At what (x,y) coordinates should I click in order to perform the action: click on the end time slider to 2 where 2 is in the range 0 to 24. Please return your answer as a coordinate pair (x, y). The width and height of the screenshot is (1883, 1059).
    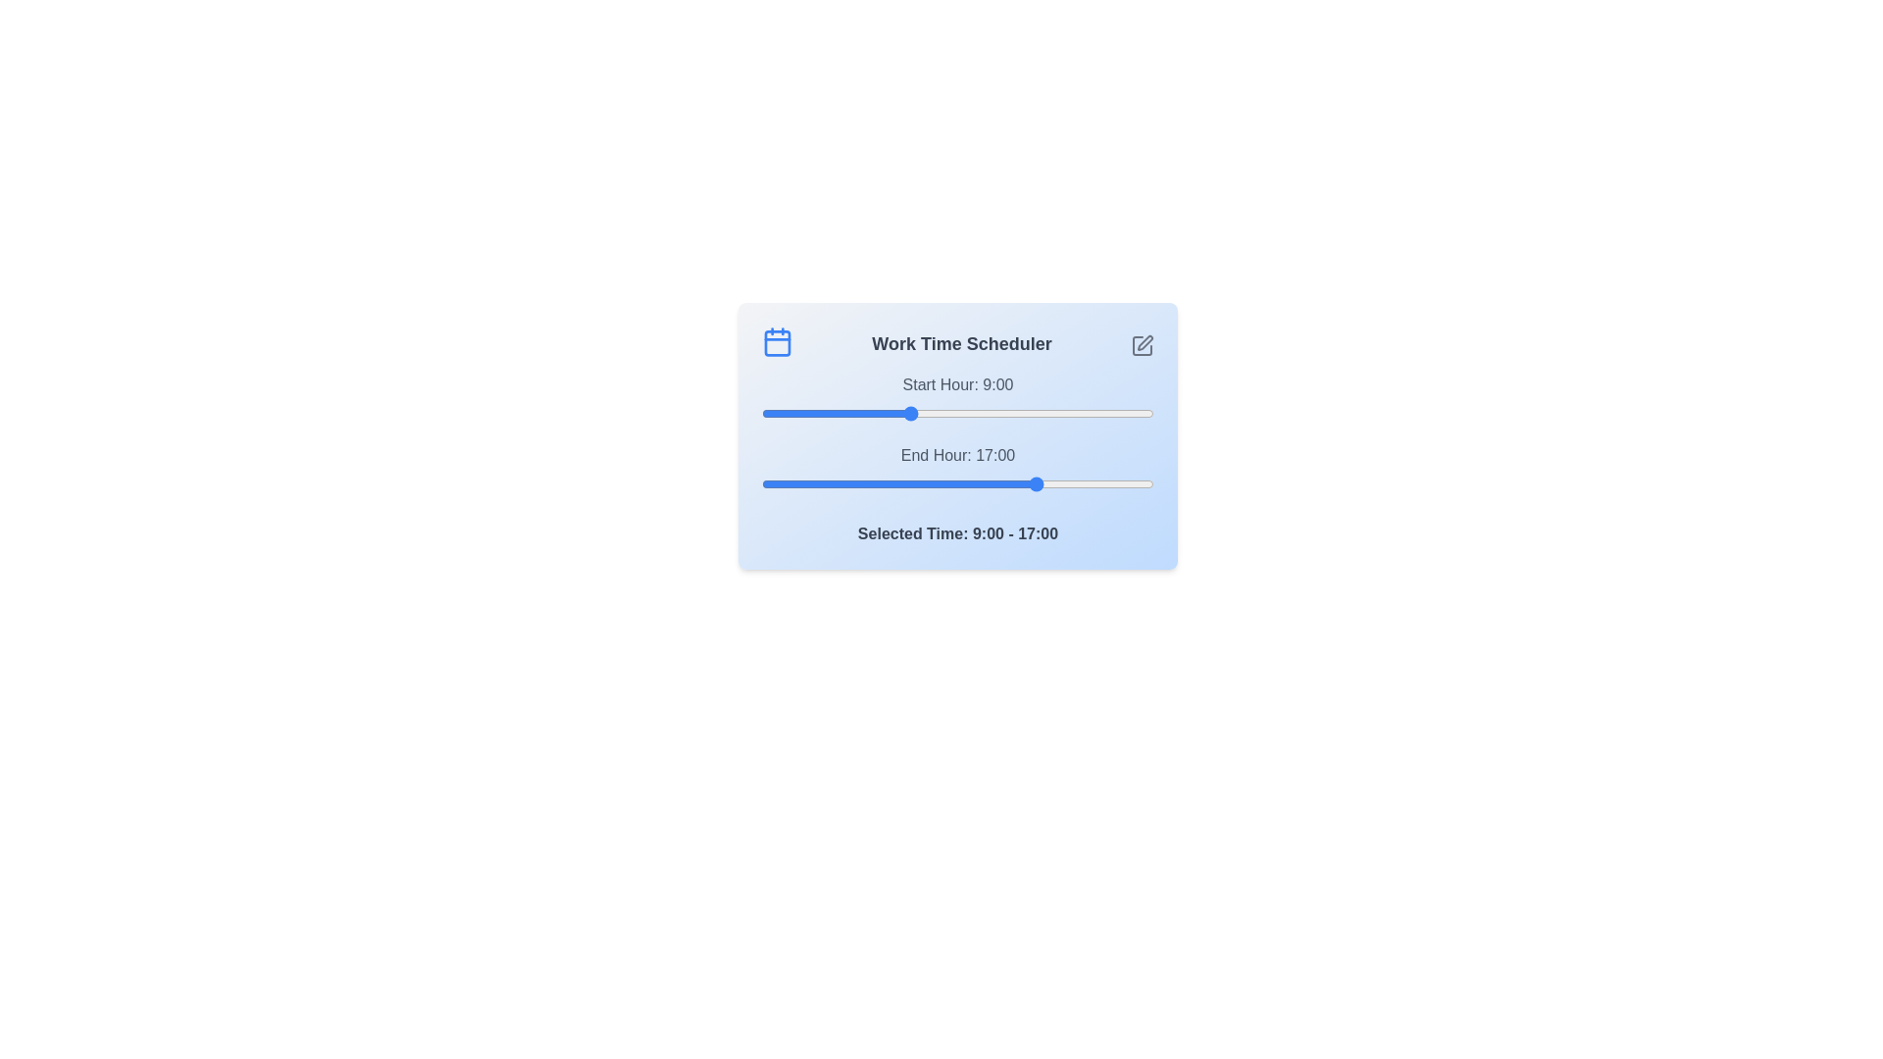
    Looking at the image, I should click on (794, 483).